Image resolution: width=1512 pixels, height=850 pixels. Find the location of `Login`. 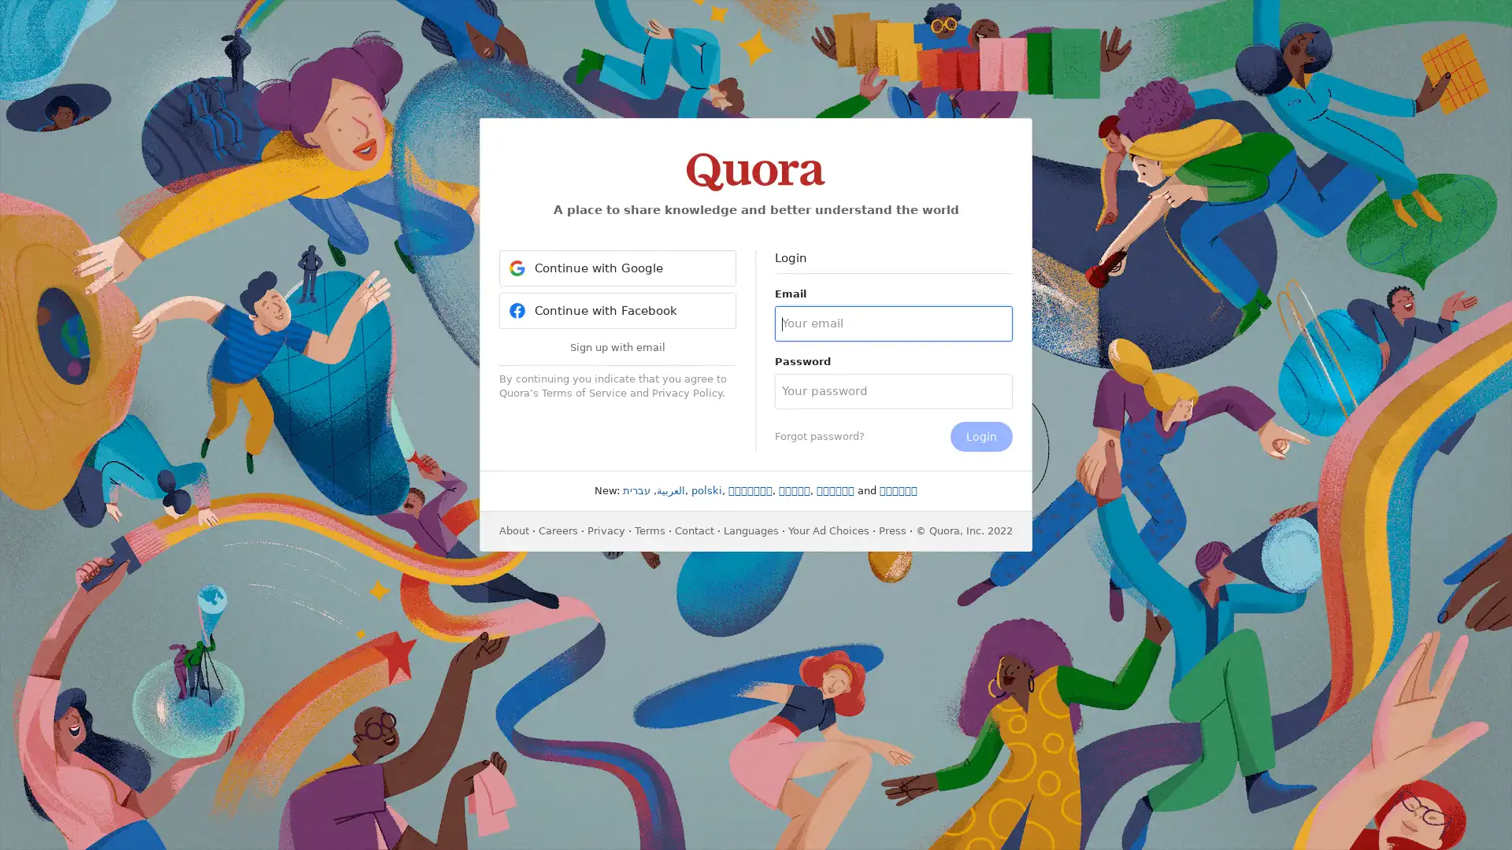

Login is located at coordinates (980, 437).